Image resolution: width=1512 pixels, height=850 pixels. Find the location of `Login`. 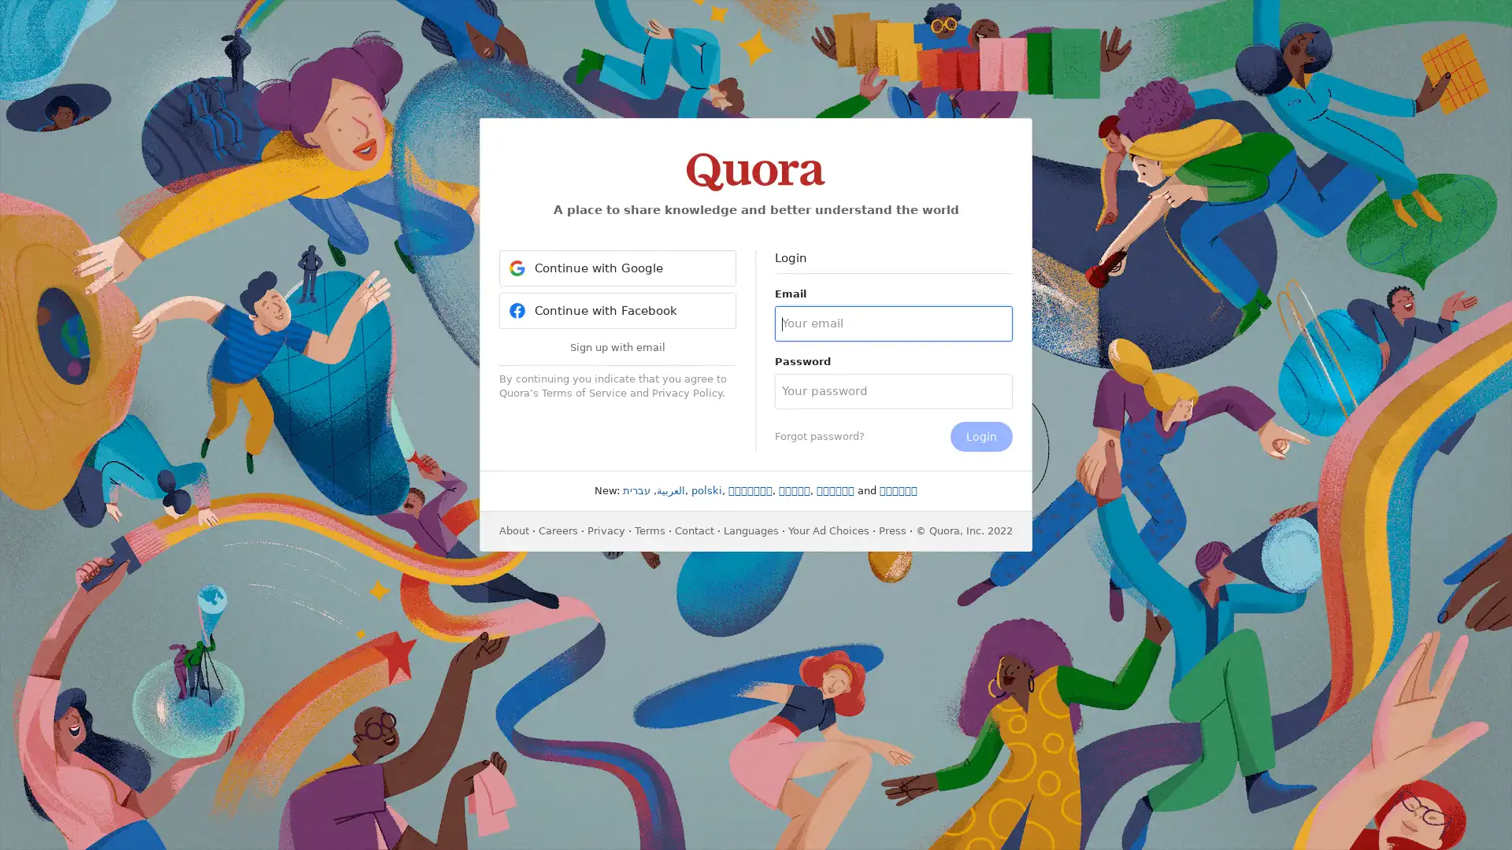

Login is located at coordinates (980, 437).